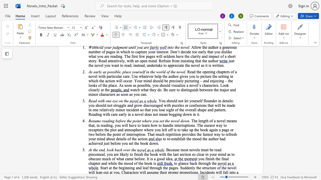  What do you see at coordinates (103, 109) in the screenshot?
I see `the 1th character "l" in the text` at bounding box center [103, 109].